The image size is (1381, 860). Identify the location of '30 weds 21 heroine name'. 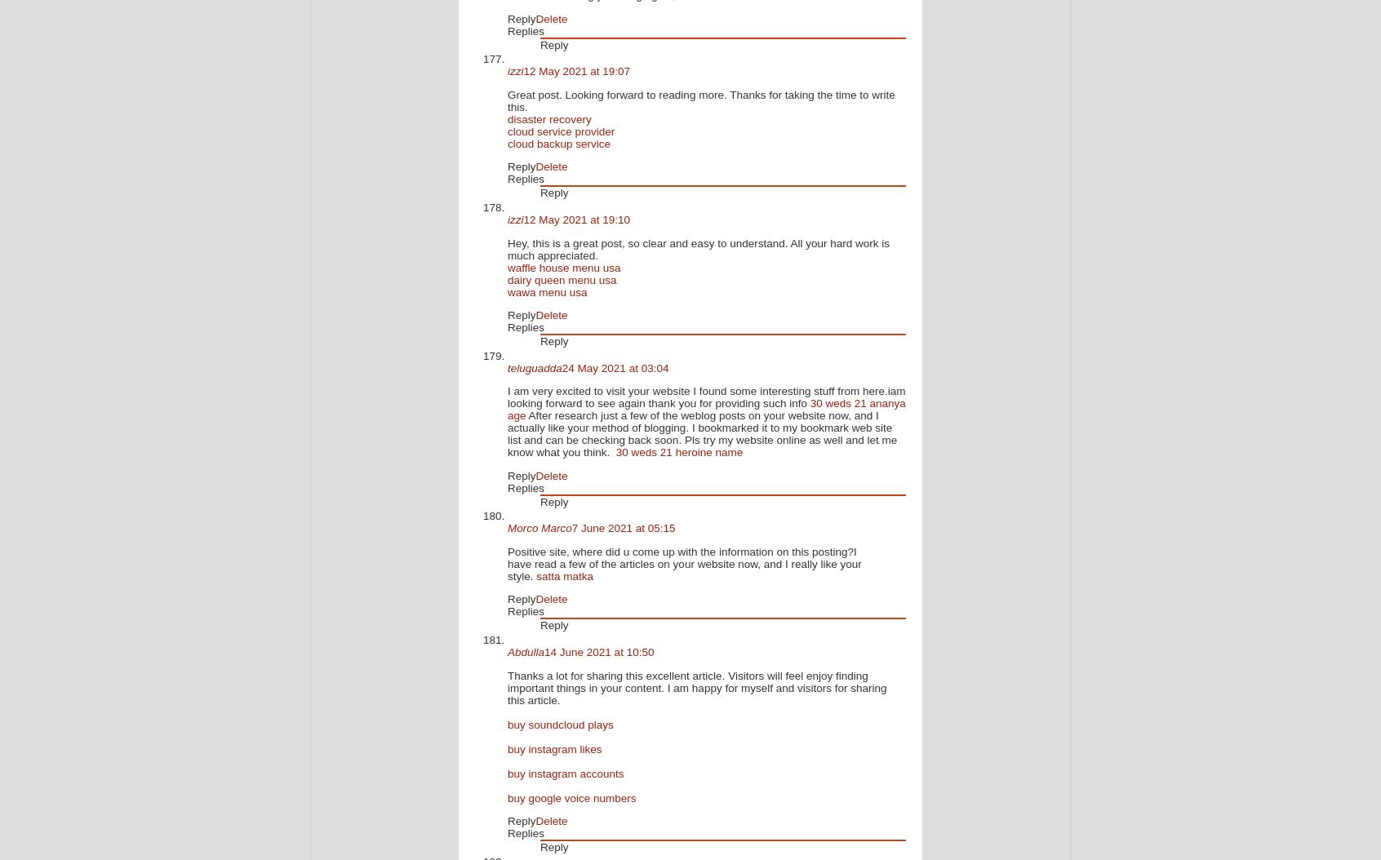
(678, 452).